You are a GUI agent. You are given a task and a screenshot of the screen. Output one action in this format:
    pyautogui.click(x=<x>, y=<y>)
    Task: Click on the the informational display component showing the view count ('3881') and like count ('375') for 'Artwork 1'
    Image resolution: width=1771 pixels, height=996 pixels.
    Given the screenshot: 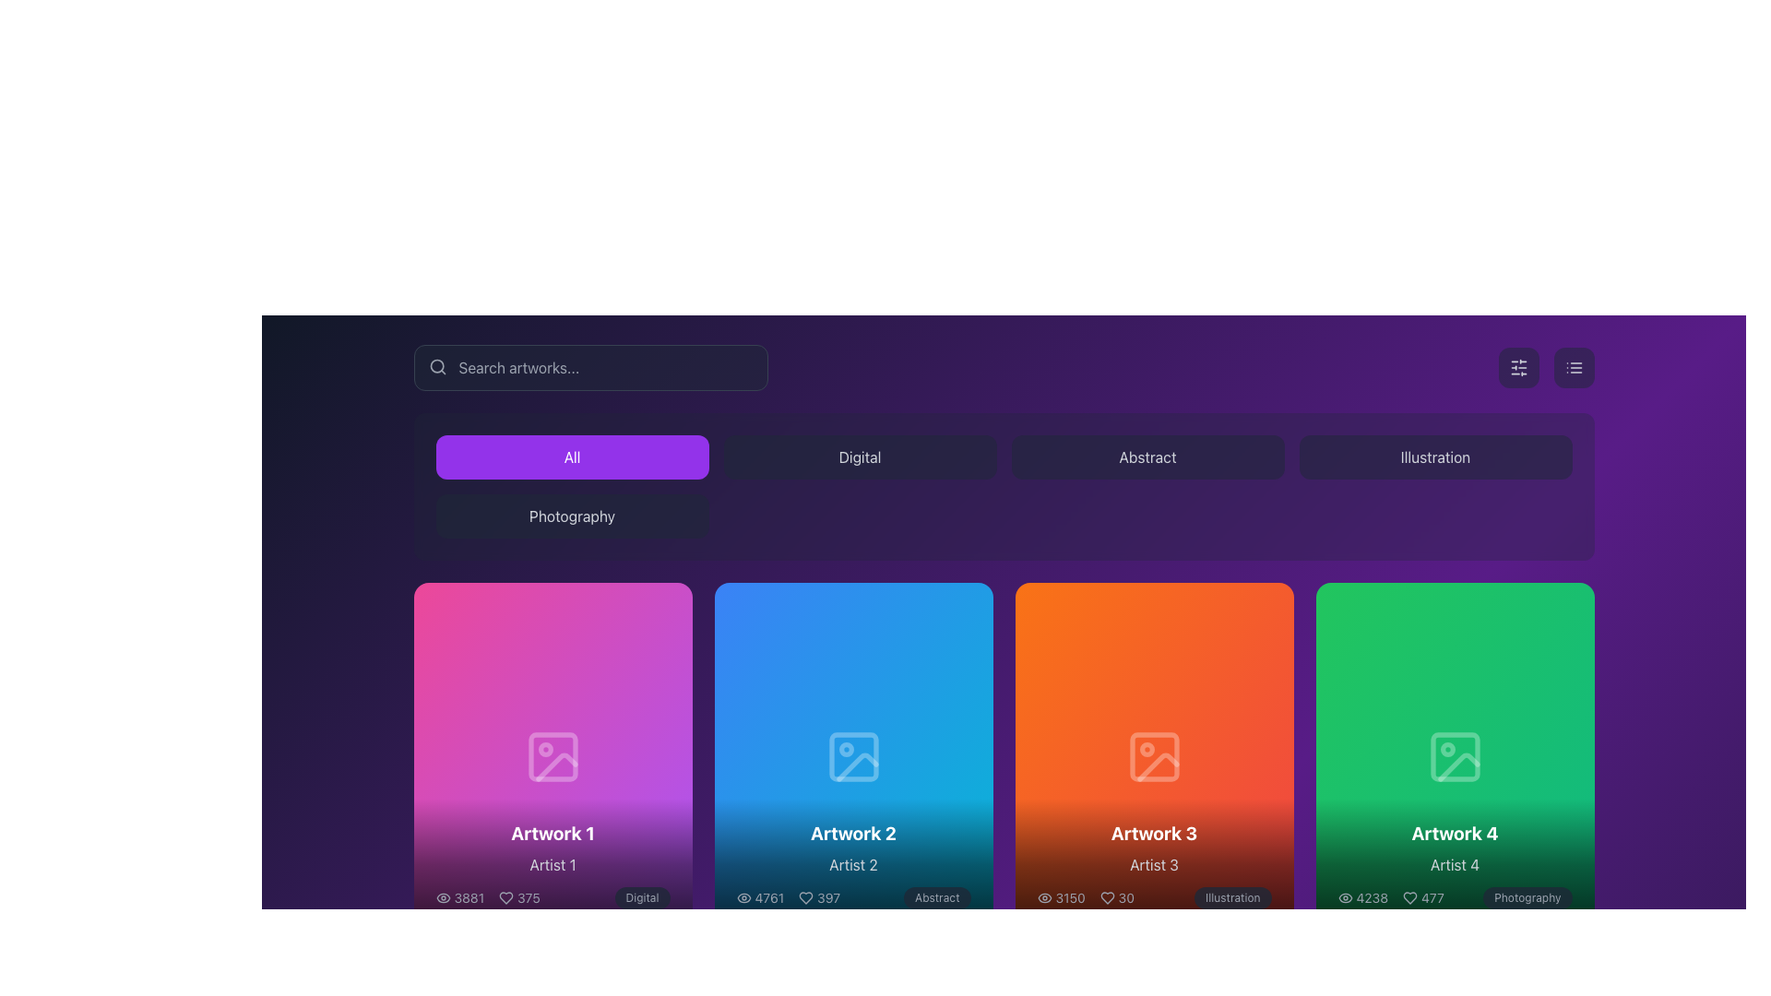 What is the action you would take?
    pyautogui.click(x=488, y=896)
    